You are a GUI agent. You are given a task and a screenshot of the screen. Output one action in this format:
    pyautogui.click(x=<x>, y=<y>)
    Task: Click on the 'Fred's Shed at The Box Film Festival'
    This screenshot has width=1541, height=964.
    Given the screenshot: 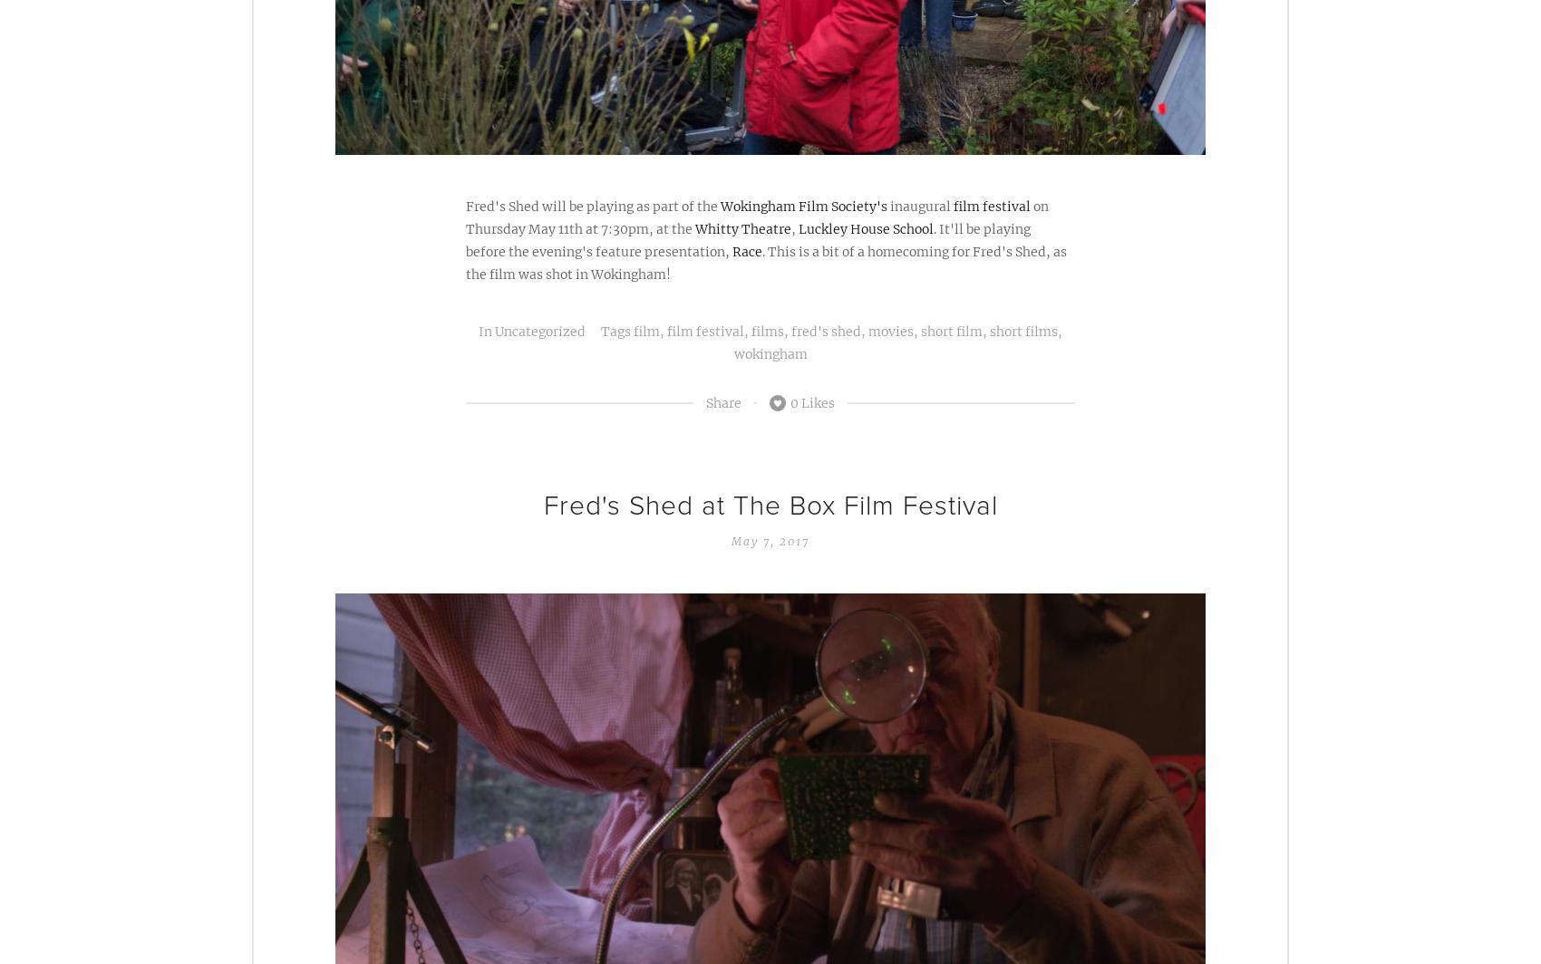 What is the action you would take?
    pyautogui.click(x=769, y=505)
    